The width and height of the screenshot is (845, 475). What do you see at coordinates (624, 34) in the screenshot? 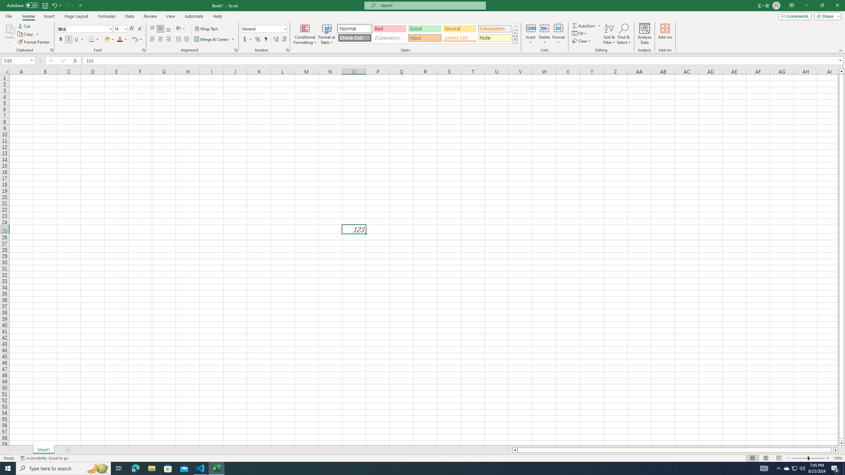
I see `'Find & Select'` at bounding box center [624, 34].